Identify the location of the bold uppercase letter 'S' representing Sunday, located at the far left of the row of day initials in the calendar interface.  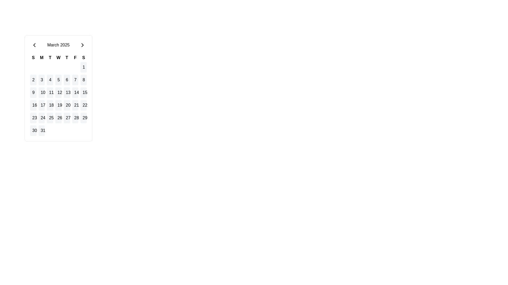
(33, 58).